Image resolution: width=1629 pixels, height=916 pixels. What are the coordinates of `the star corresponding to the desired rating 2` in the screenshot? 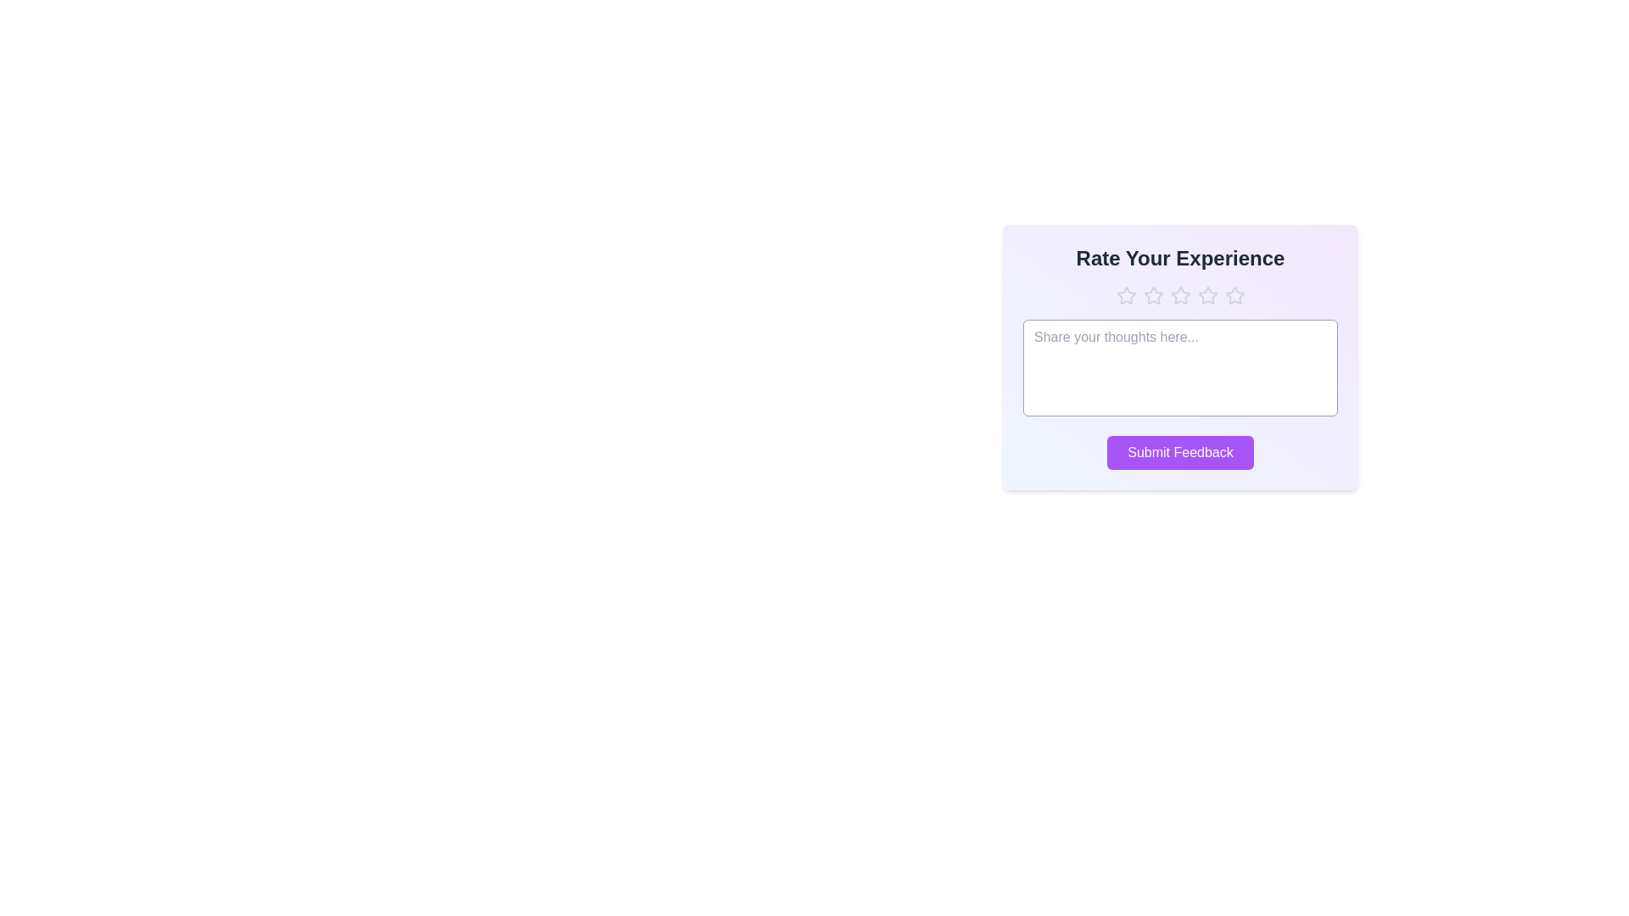 It's located at (1153, 294).